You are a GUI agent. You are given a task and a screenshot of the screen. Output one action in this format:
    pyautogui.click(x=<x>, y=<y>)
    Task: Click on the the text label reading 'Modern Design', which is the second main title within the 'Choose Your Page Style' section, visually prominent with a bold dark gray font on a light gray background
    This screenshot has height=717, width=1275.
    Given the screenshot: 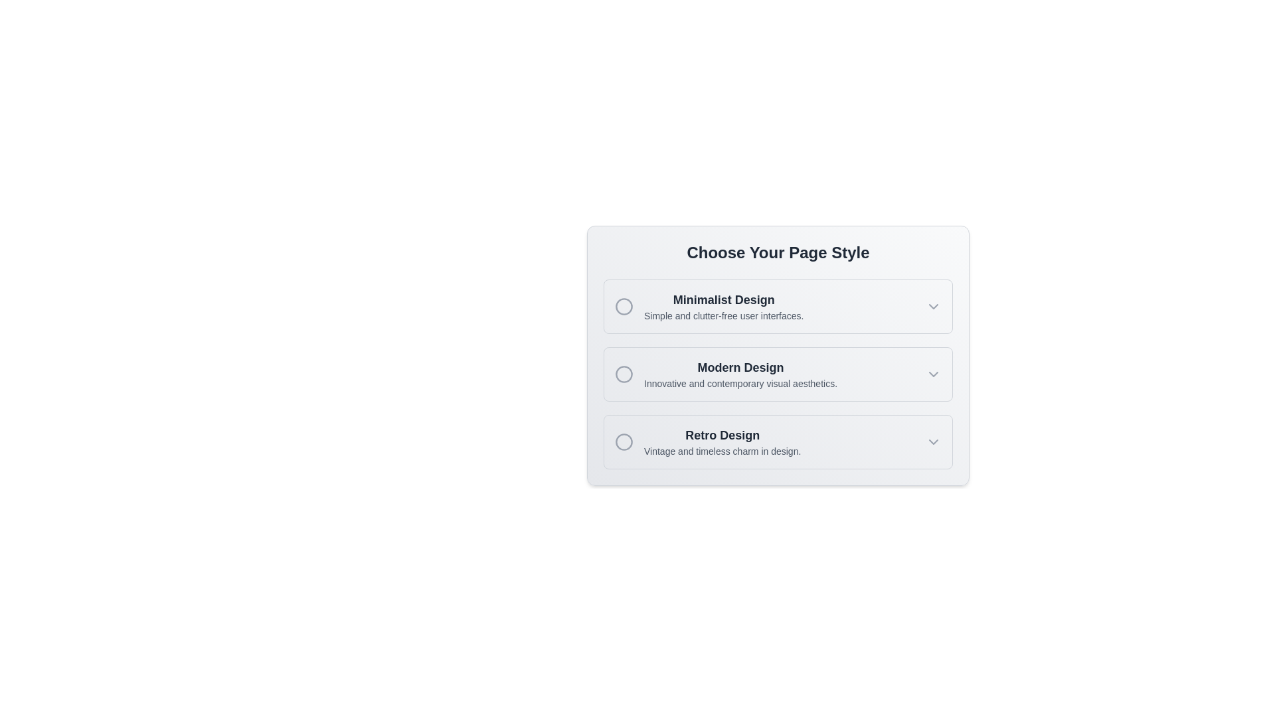 What is the action you would take?
    pyautogui.click(x=740, y=368)
    